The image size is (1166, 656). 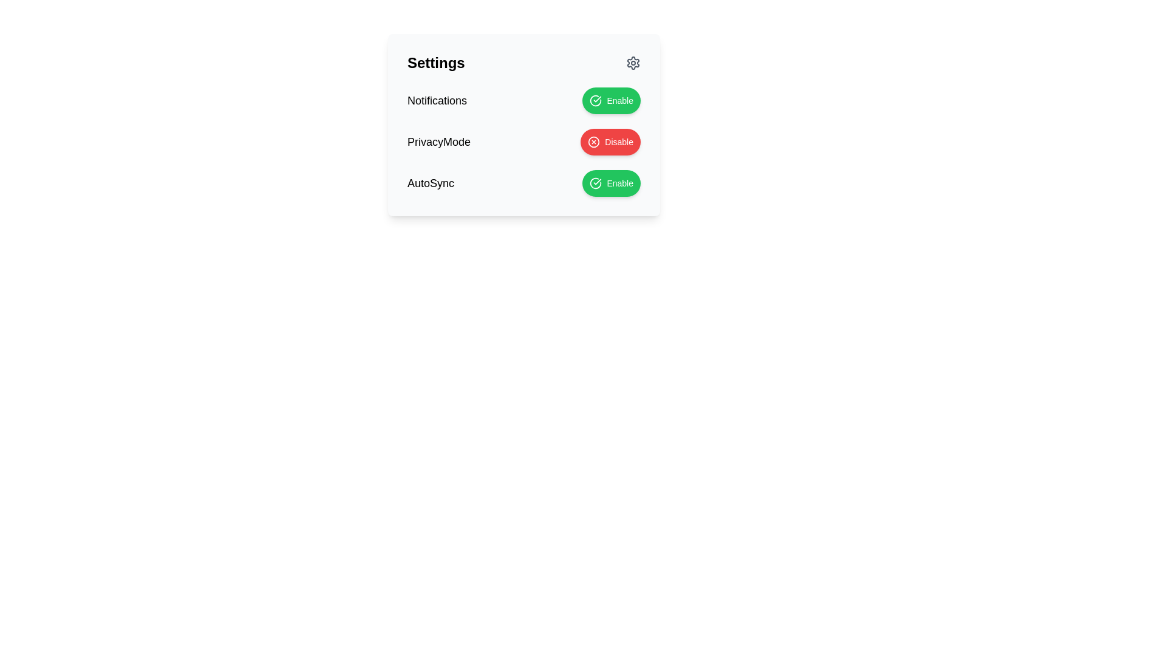 What do you see at coordinates (437, 100) in the screenshot?
I see `the 'Notifications' text label, which is prominently displayed at the top-left of the settings options, positioned before the green 'Enable' button` at bounding box center [437, 100].